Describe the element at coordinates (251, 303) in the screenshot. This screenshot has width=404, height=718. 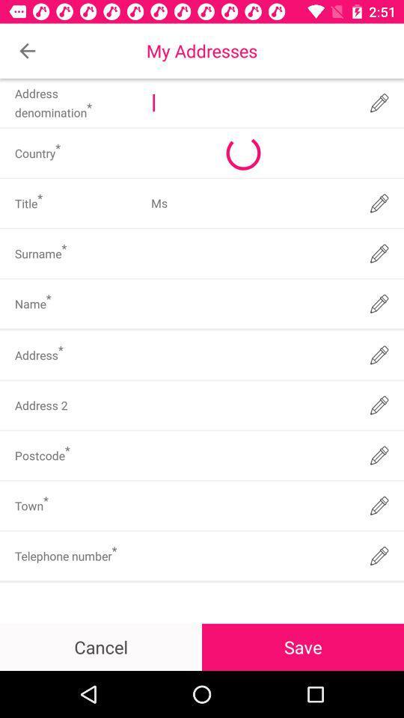
I see `a text field which is after name on a page` at that location.